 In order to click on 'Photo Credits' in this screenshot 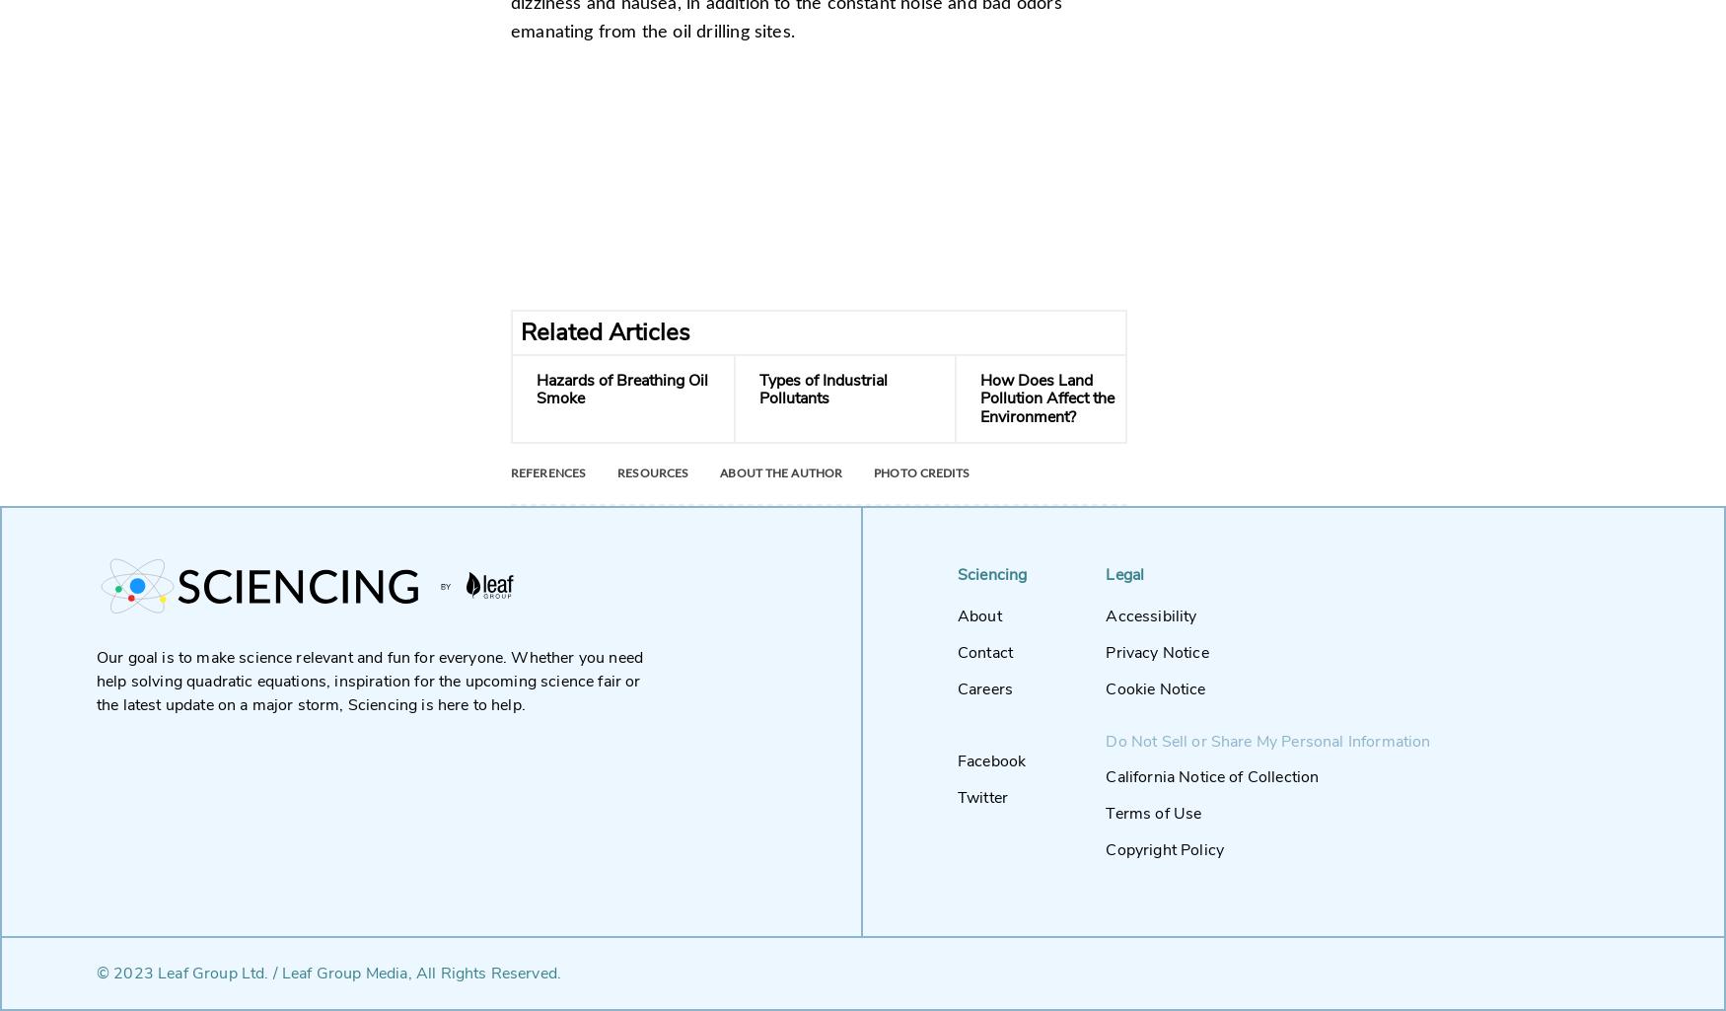, I will do `click(919, 473)`.